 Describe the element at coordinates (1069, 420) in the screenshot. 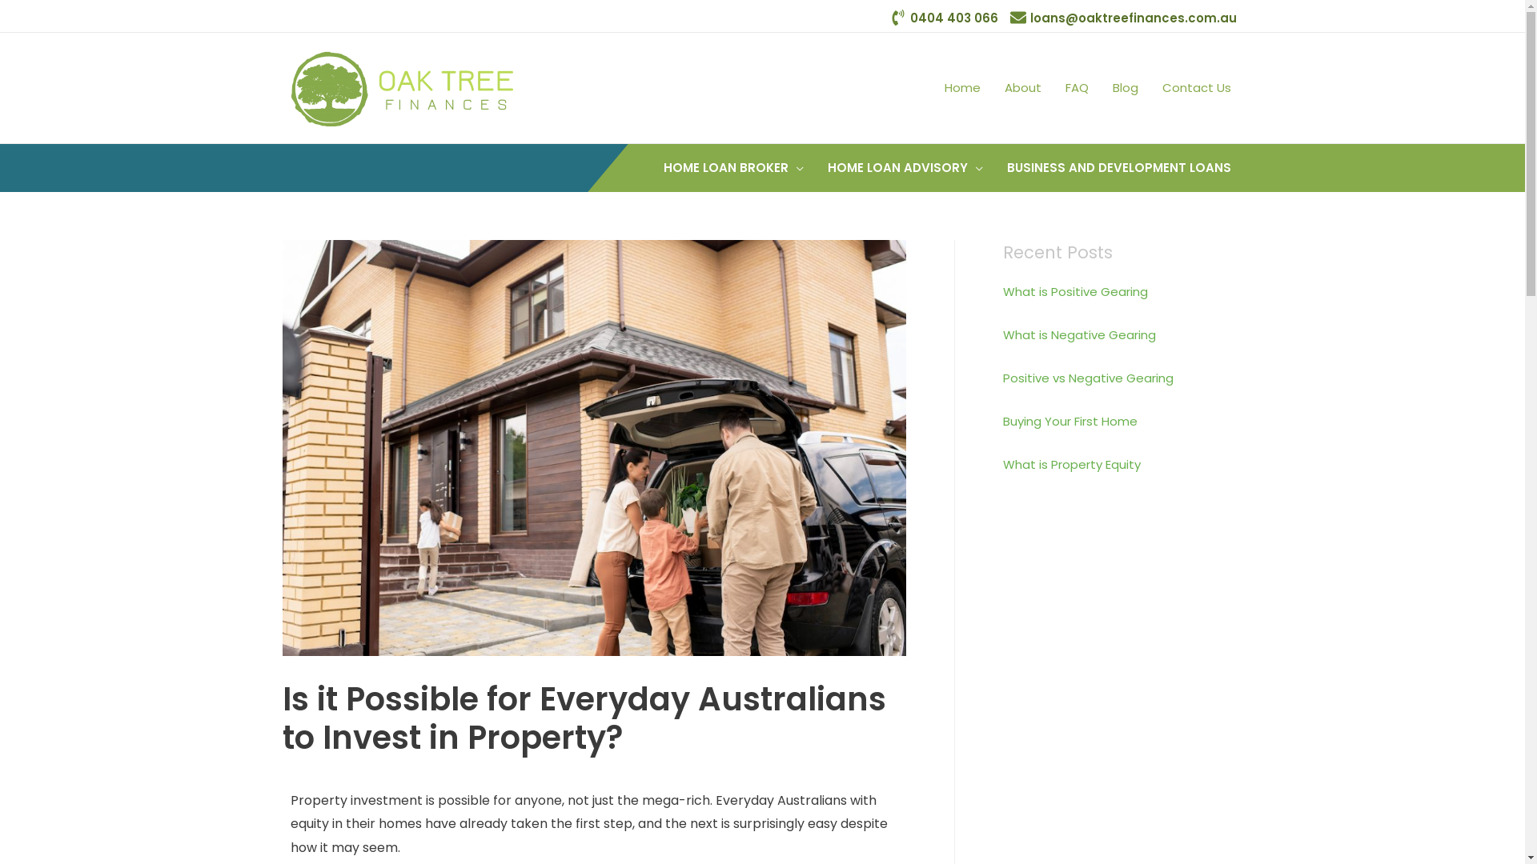

I see `'Buying Your First Home'` at that location.